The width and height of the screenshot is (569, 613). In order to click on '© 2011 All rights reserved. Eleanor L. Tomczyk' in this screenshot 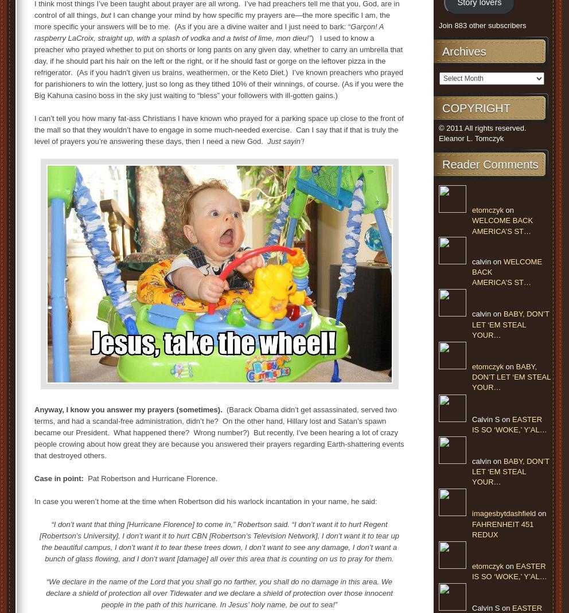, I will do `click(482, 132)`.